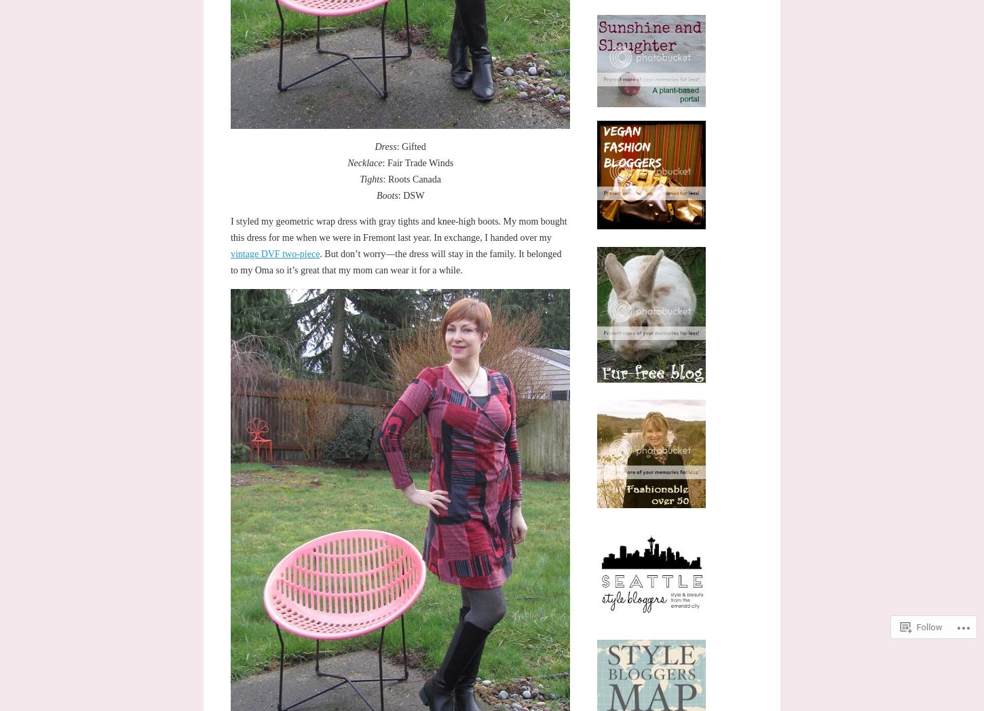 The image size is (984, 711). Describe the element at coordinates (417, 162) in the screenshot. I see `': Fair Trade Winds'` at that location.